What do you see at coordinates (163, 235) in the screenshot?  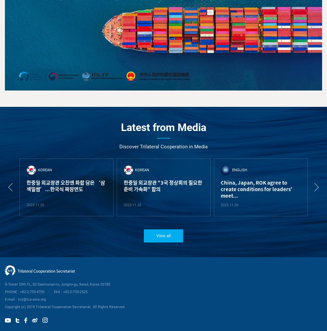 I see `'View all'` at bounding box center [163, 235].